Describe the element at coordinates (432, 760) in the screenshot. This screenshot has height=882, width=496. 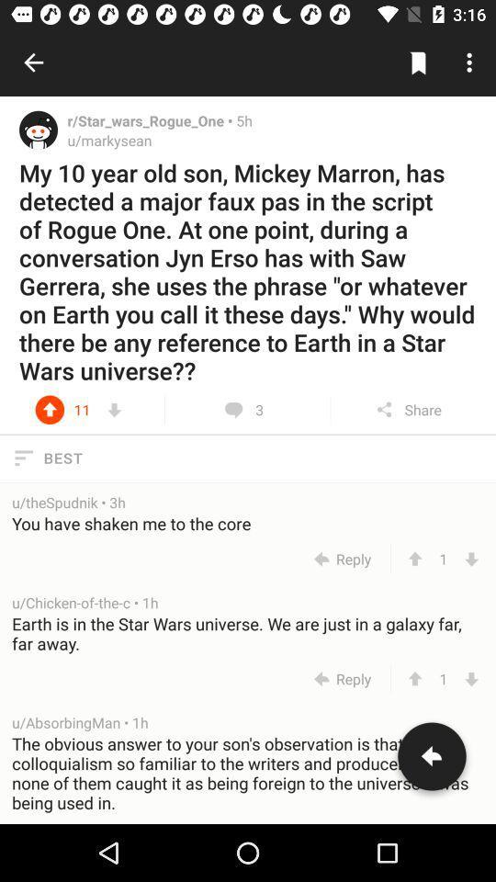
I see `the arrow_backward icon` at that location.